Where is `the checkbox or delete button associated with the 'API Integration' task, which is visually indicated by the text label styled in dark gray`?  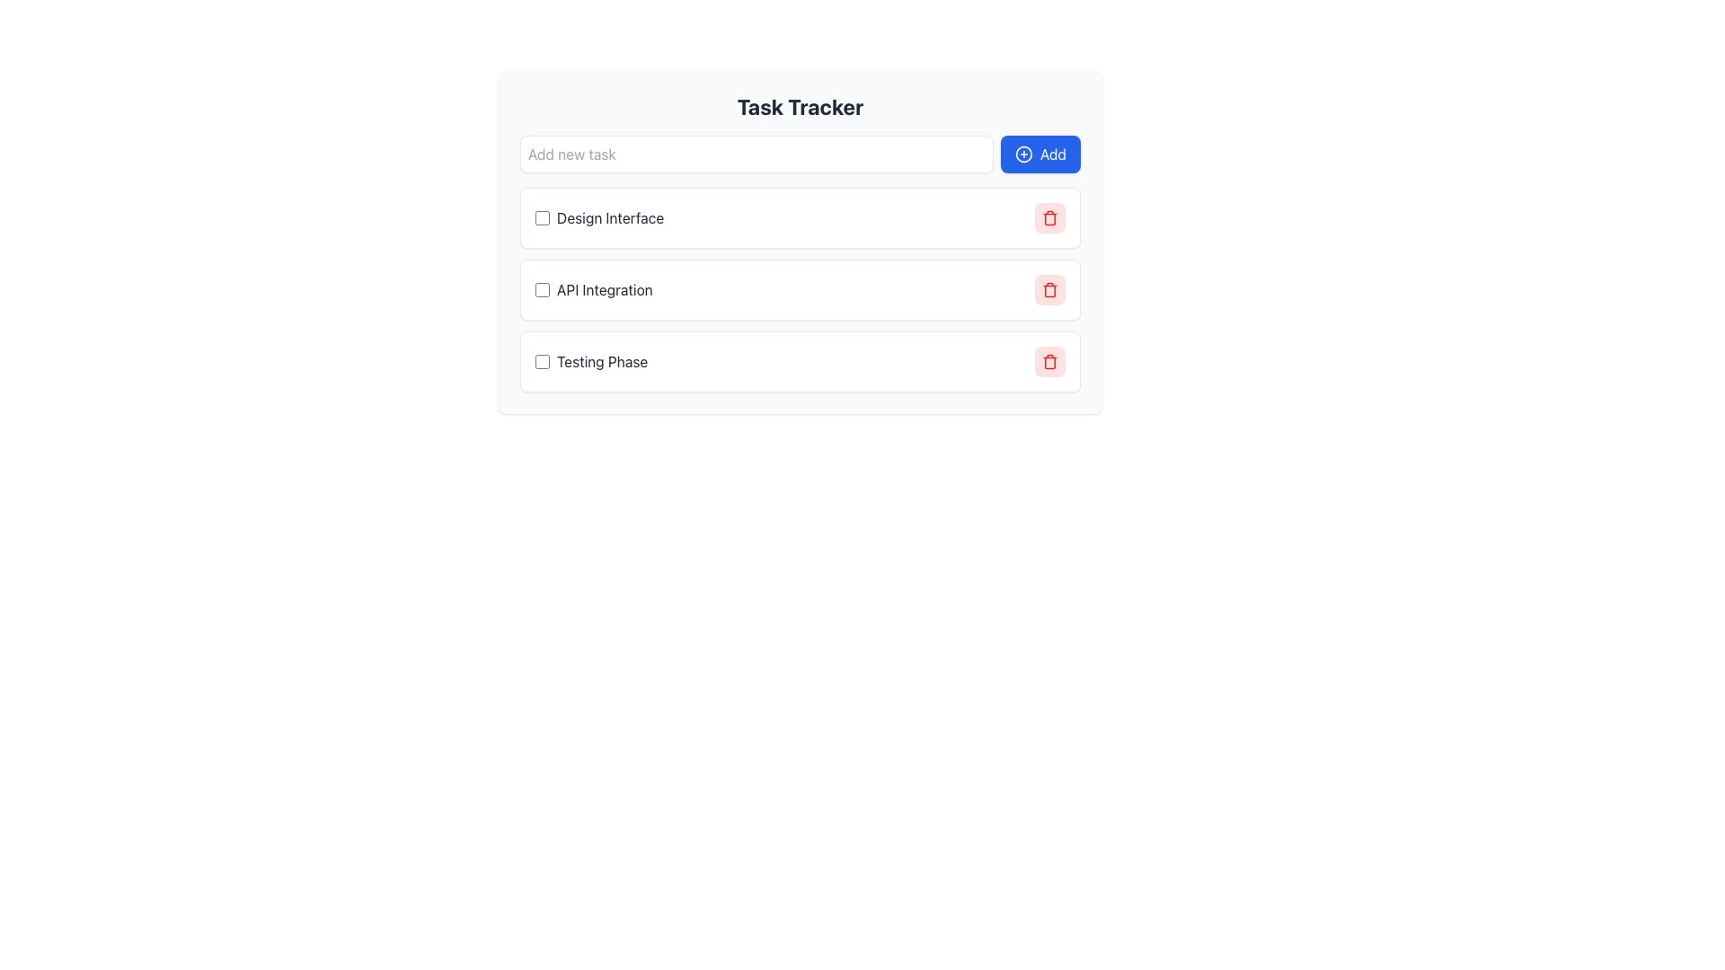 the checkbox or delete button associated with the 'API Integration' task, which is visually indicated by the text label styled in dark gray is located at coordinates (594, 289).